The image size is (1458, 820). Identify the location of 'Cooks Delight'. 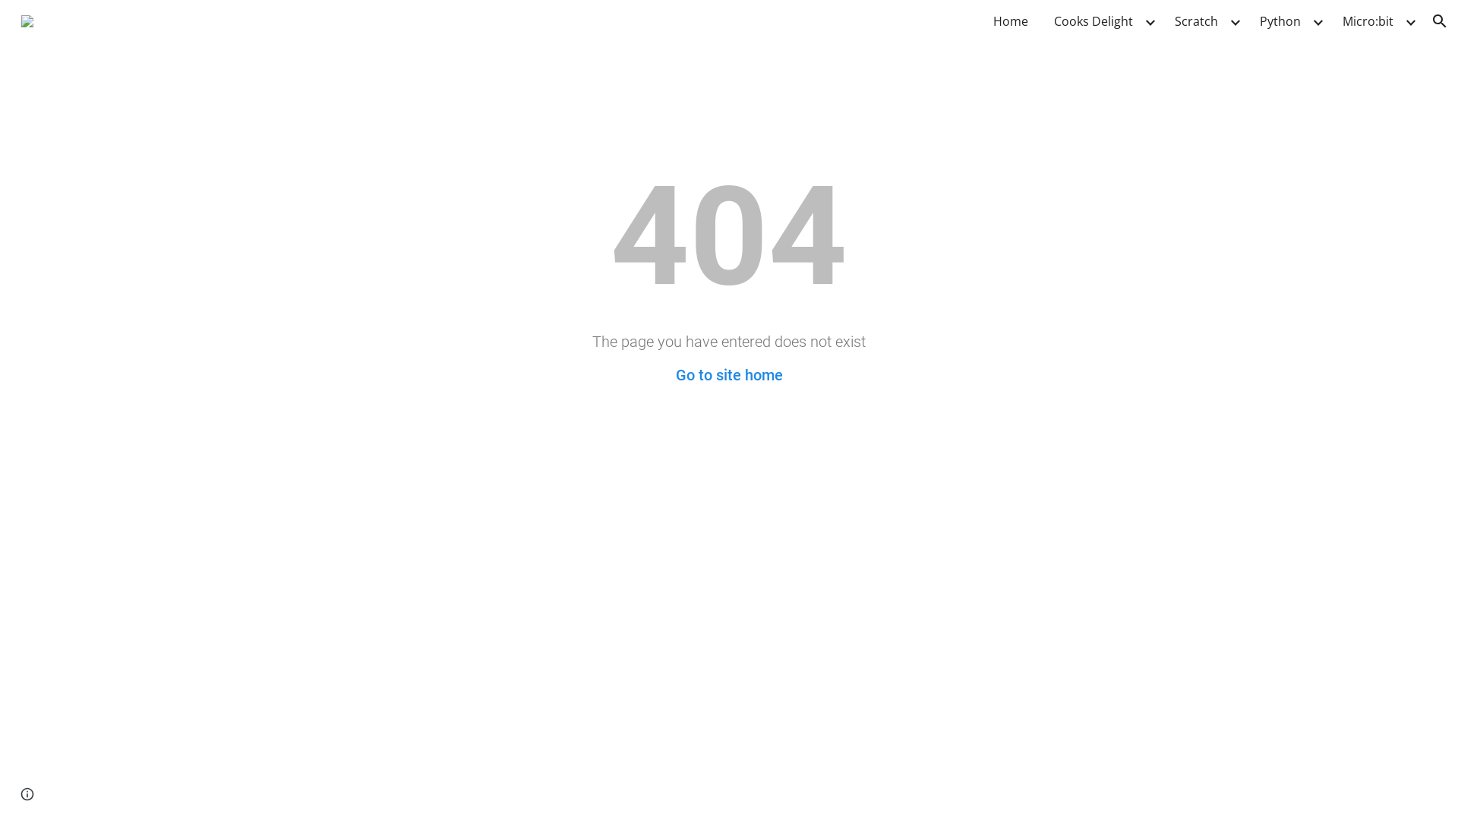
(1045, 20).